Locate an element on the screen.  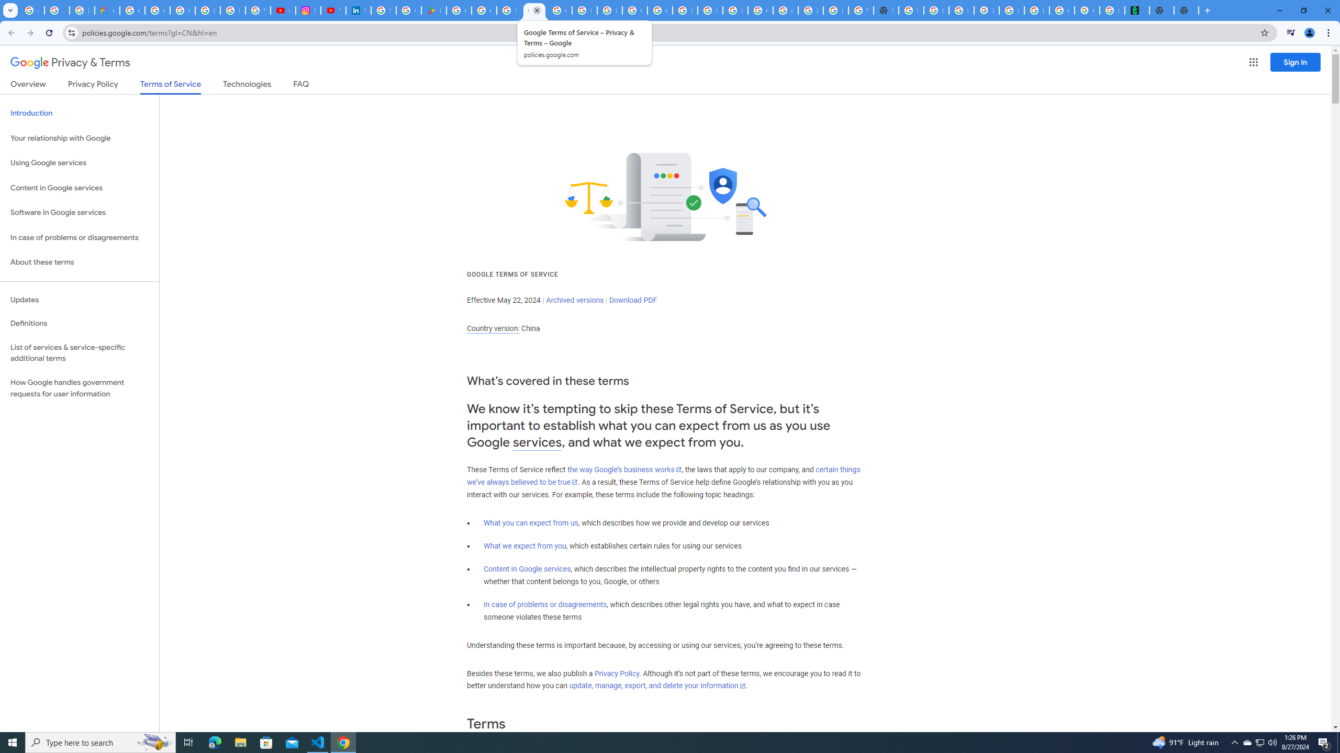
'Content in Google services' is located at coordinates (527, 568).